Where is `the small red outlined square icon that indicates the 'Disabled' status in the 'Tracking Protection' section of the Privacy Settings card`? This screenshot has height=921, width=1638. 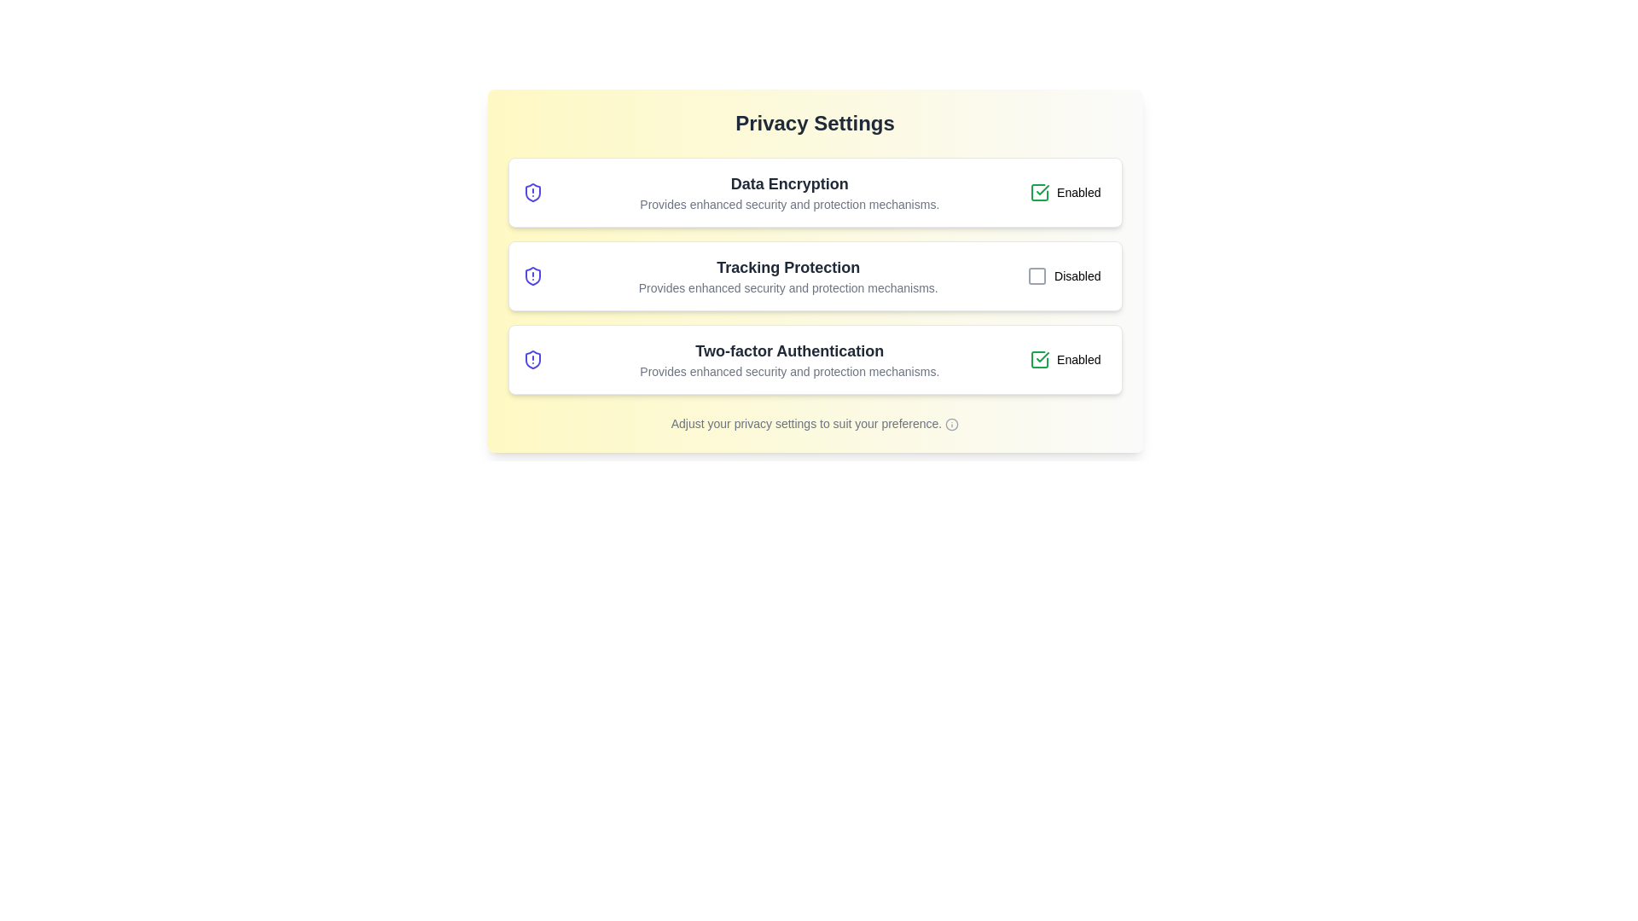
the small red outlined square icon that indicates the 'Disabled' status in the 'Tracking Protection' section of the Privacy Settings card is located at coordinates (1036, 275).